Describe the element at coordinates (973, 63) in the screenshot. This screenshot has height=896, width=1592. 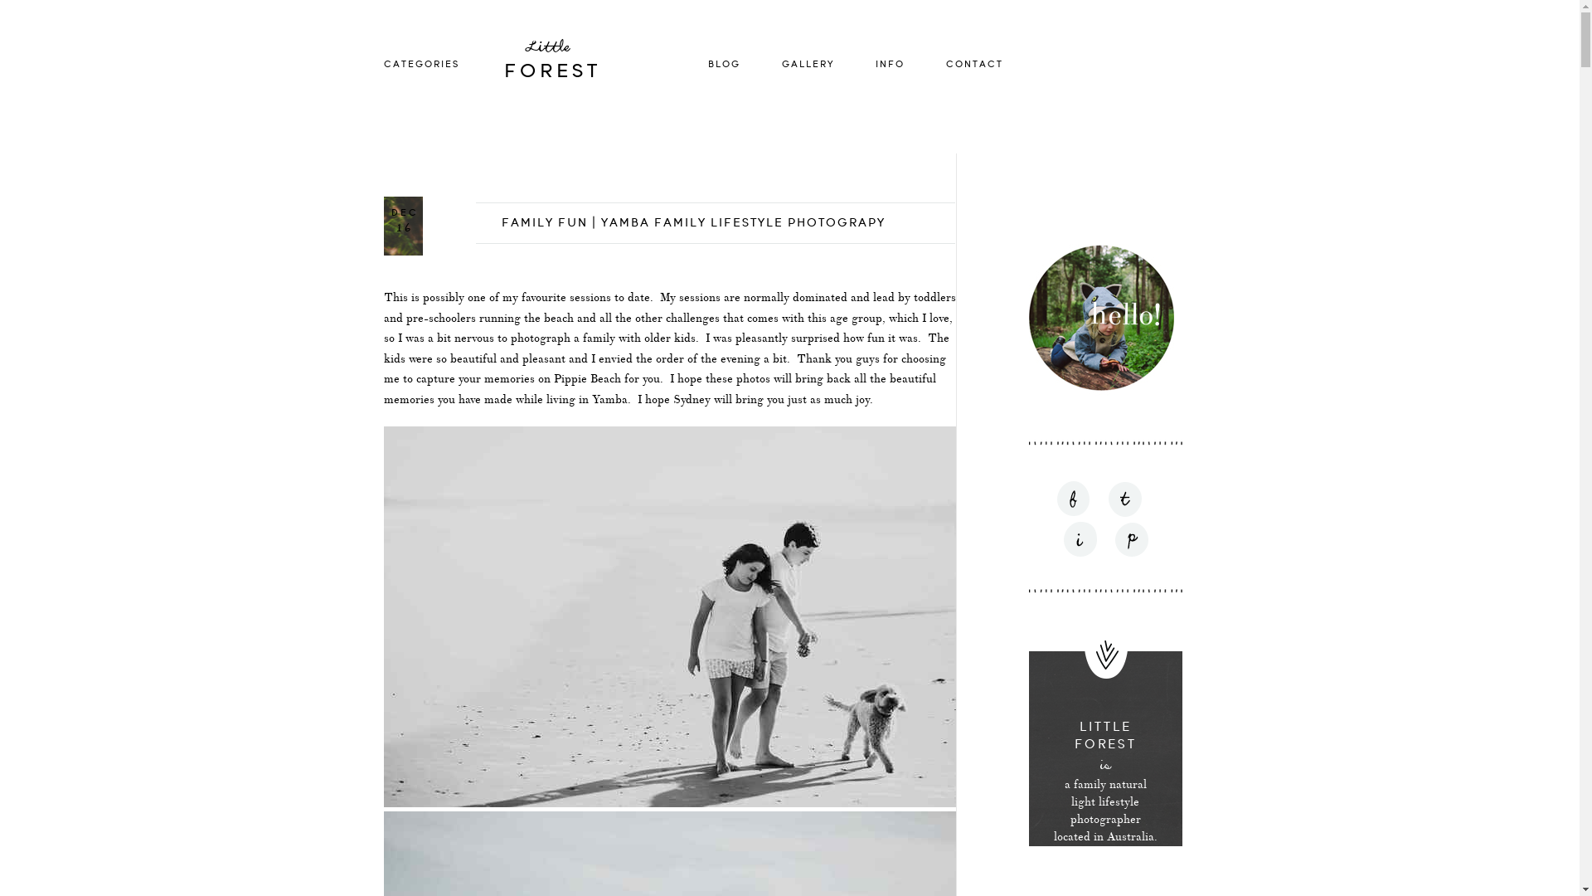
I see `'CONTACT'` at that location.